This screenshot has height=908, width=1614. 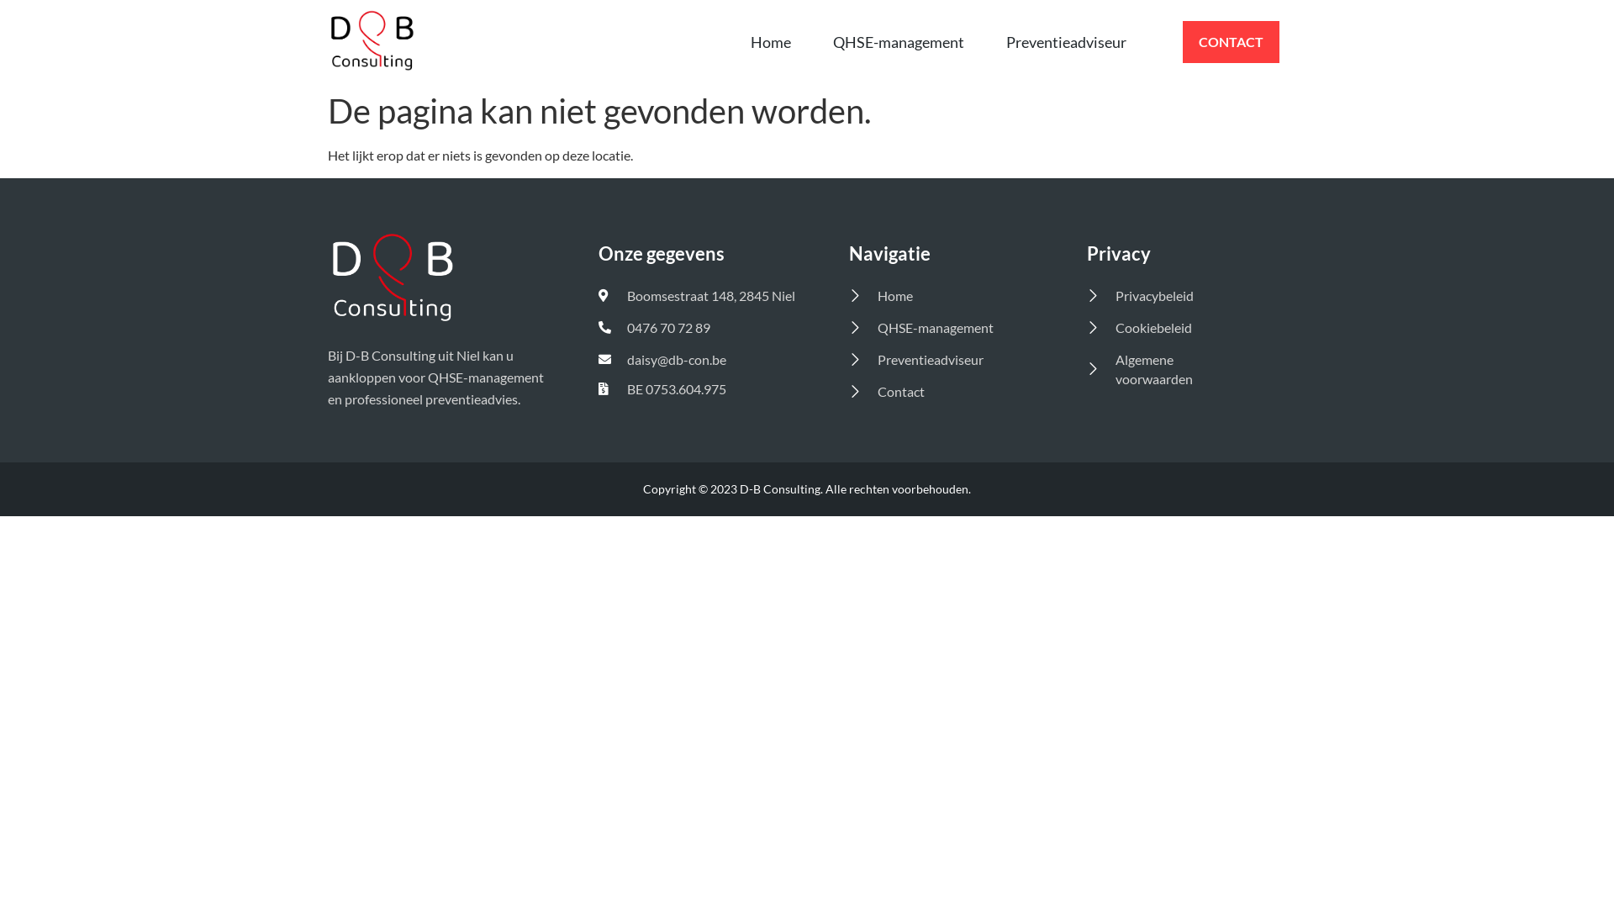 I want to click on 'QHSE-management', so click(x=898, y=41).